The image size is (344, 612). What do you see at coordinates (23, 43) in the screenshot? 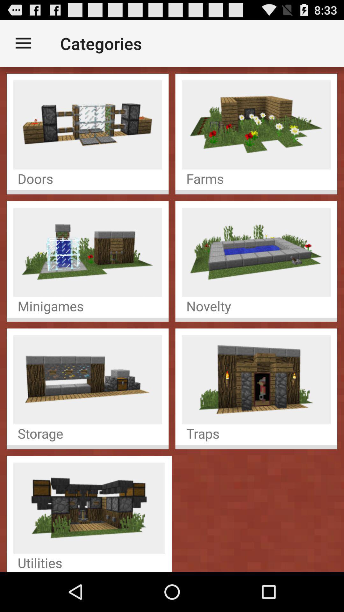
I see `the icon to the left of the categories icon` at bounding box center [23, 43].